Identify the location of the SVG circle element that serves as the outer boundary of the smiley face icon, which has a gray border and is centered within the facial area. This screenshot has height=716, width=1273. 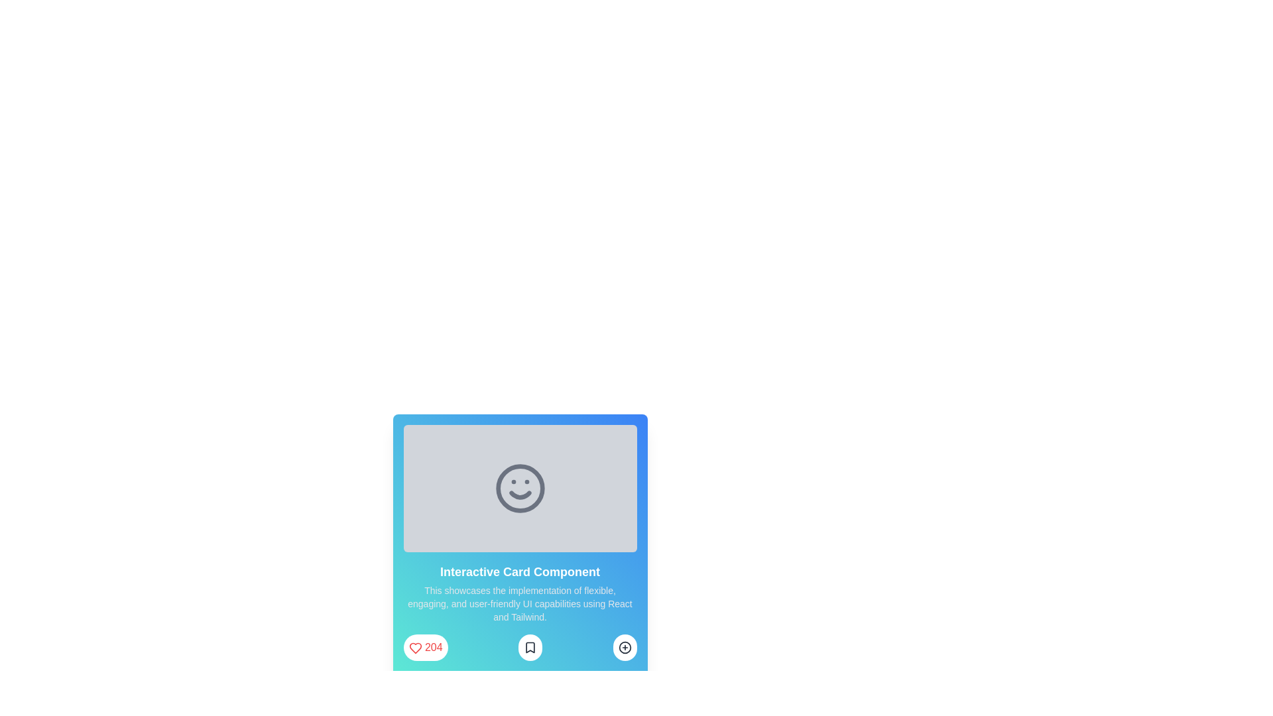
(519, 488).